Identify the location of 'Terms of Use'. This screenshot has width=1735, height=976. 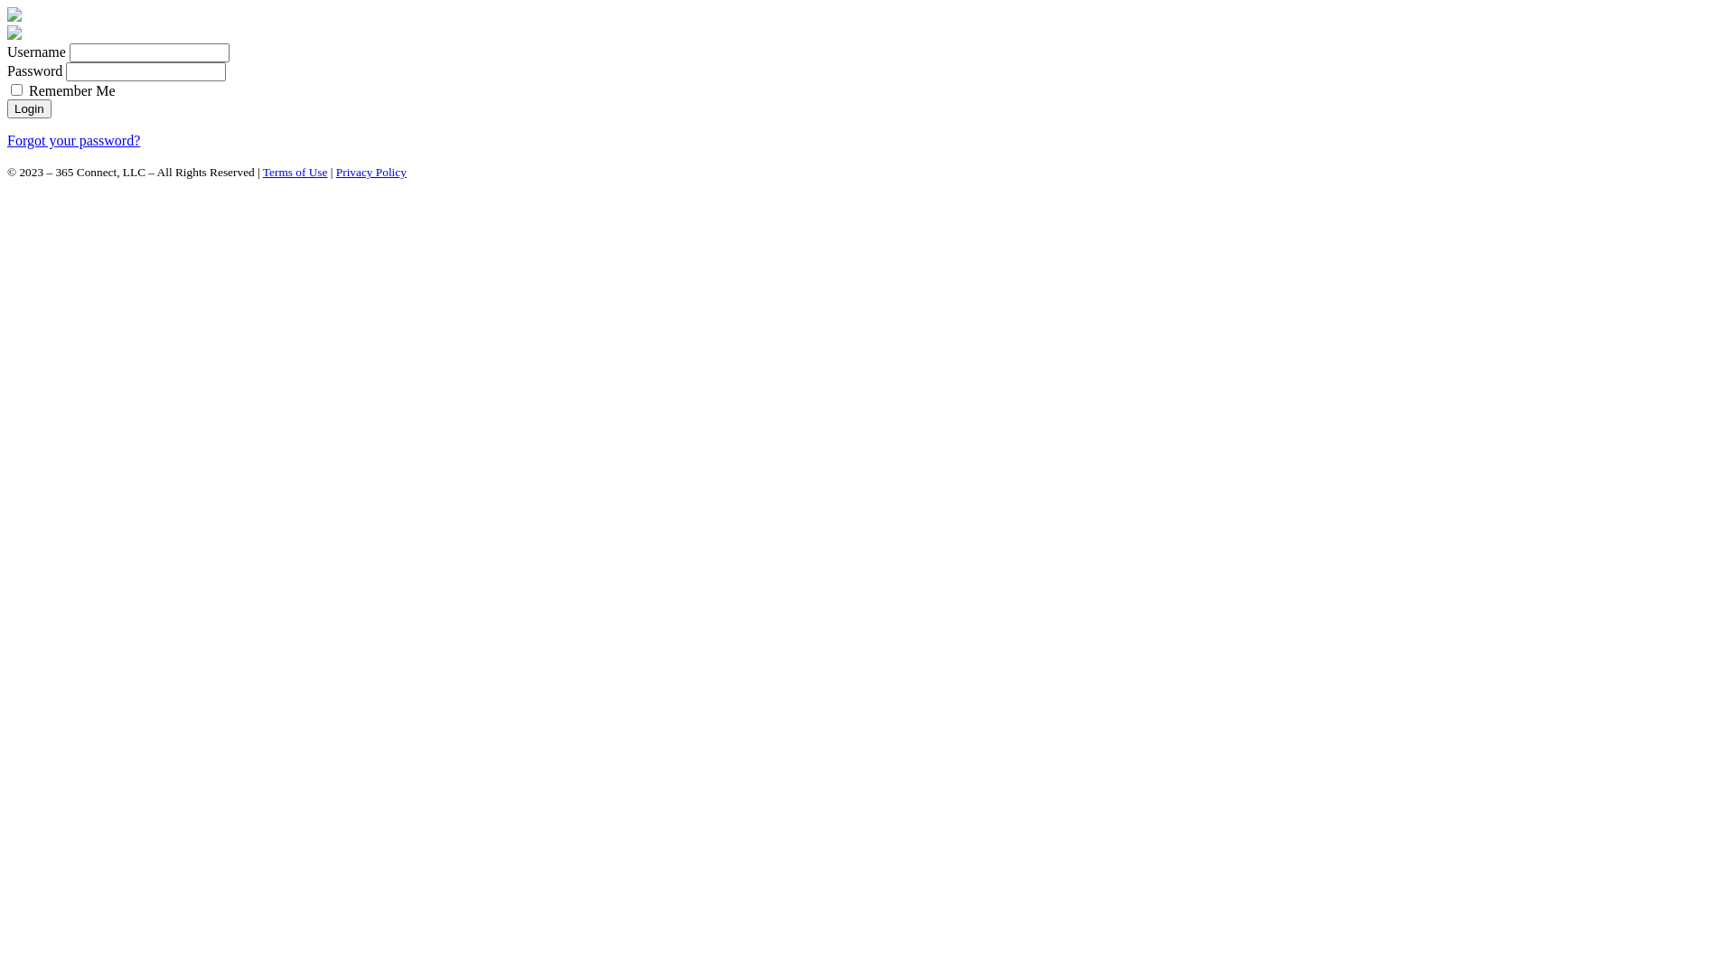
(295, 172).